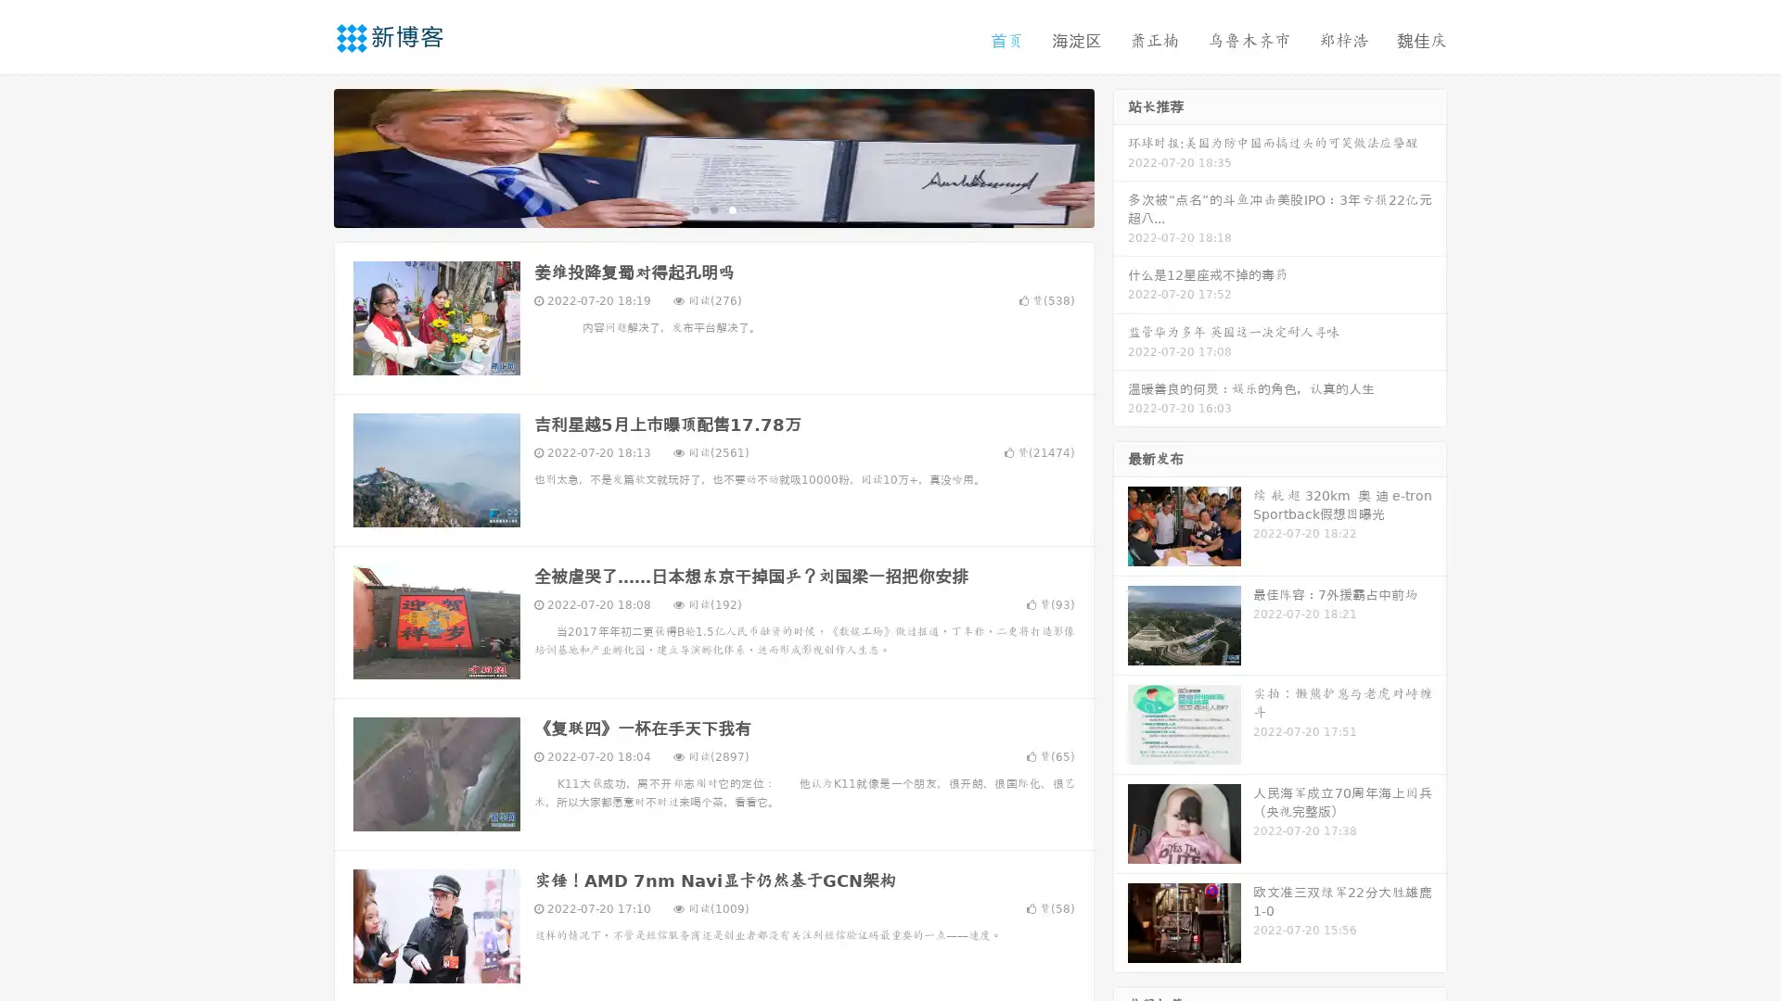  What do you see at coordinates (306, 156) in the screenshot?
I see `Previous slide` at bounding box center [306, 156].